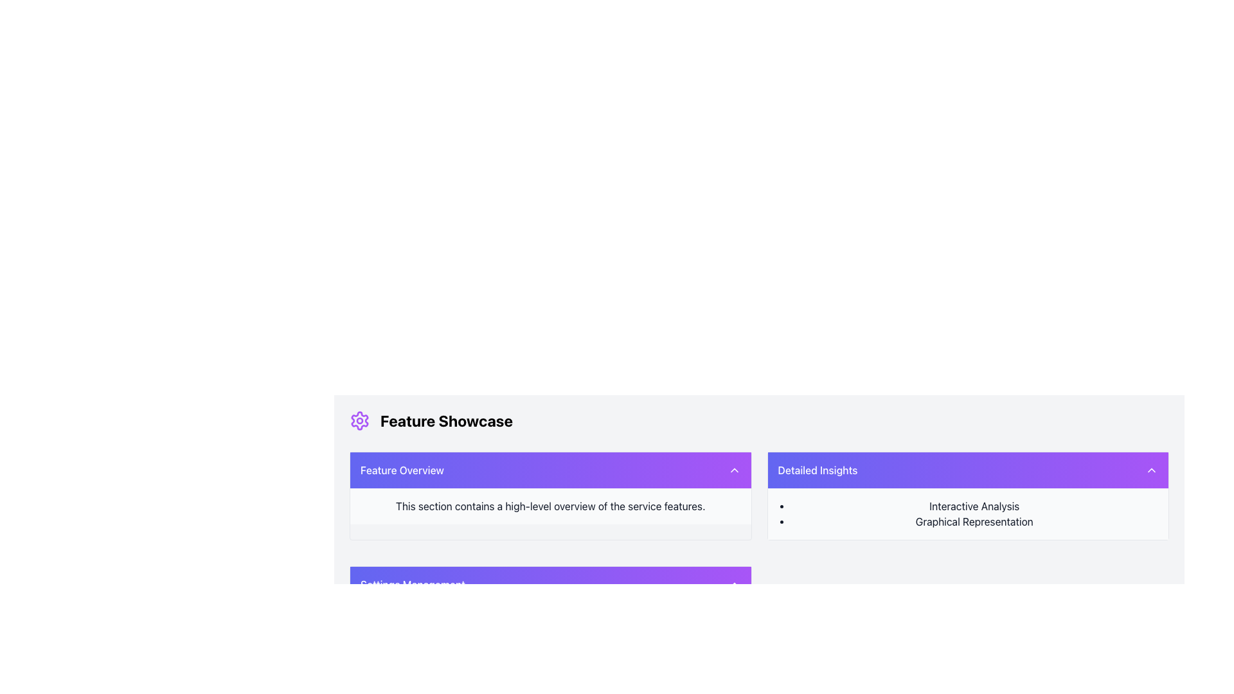  What do you see at coordinates (550, 470) in the screenshot?
I see `the collapsible button for the 'Feature Overview' section` at bounding box center [550, 470].